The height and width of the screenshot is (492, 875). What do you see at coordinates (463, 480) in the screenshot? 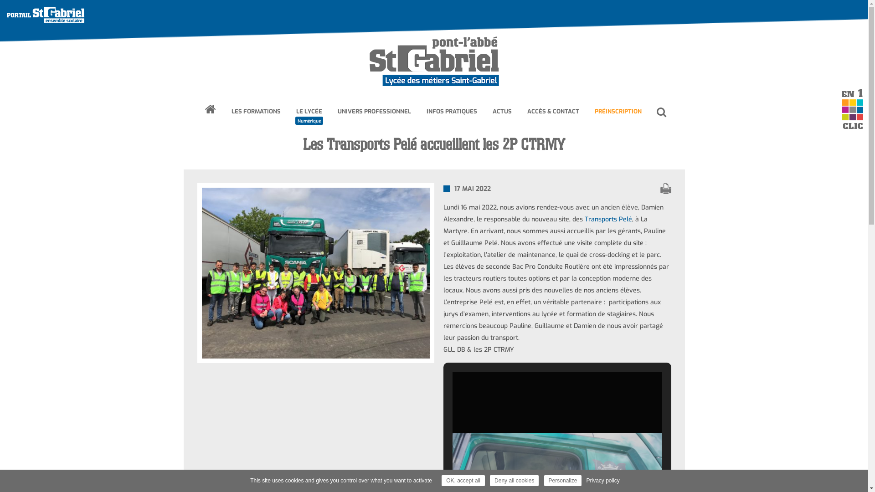
I see `'OK, accept all'` at bounding box center [463, 480].